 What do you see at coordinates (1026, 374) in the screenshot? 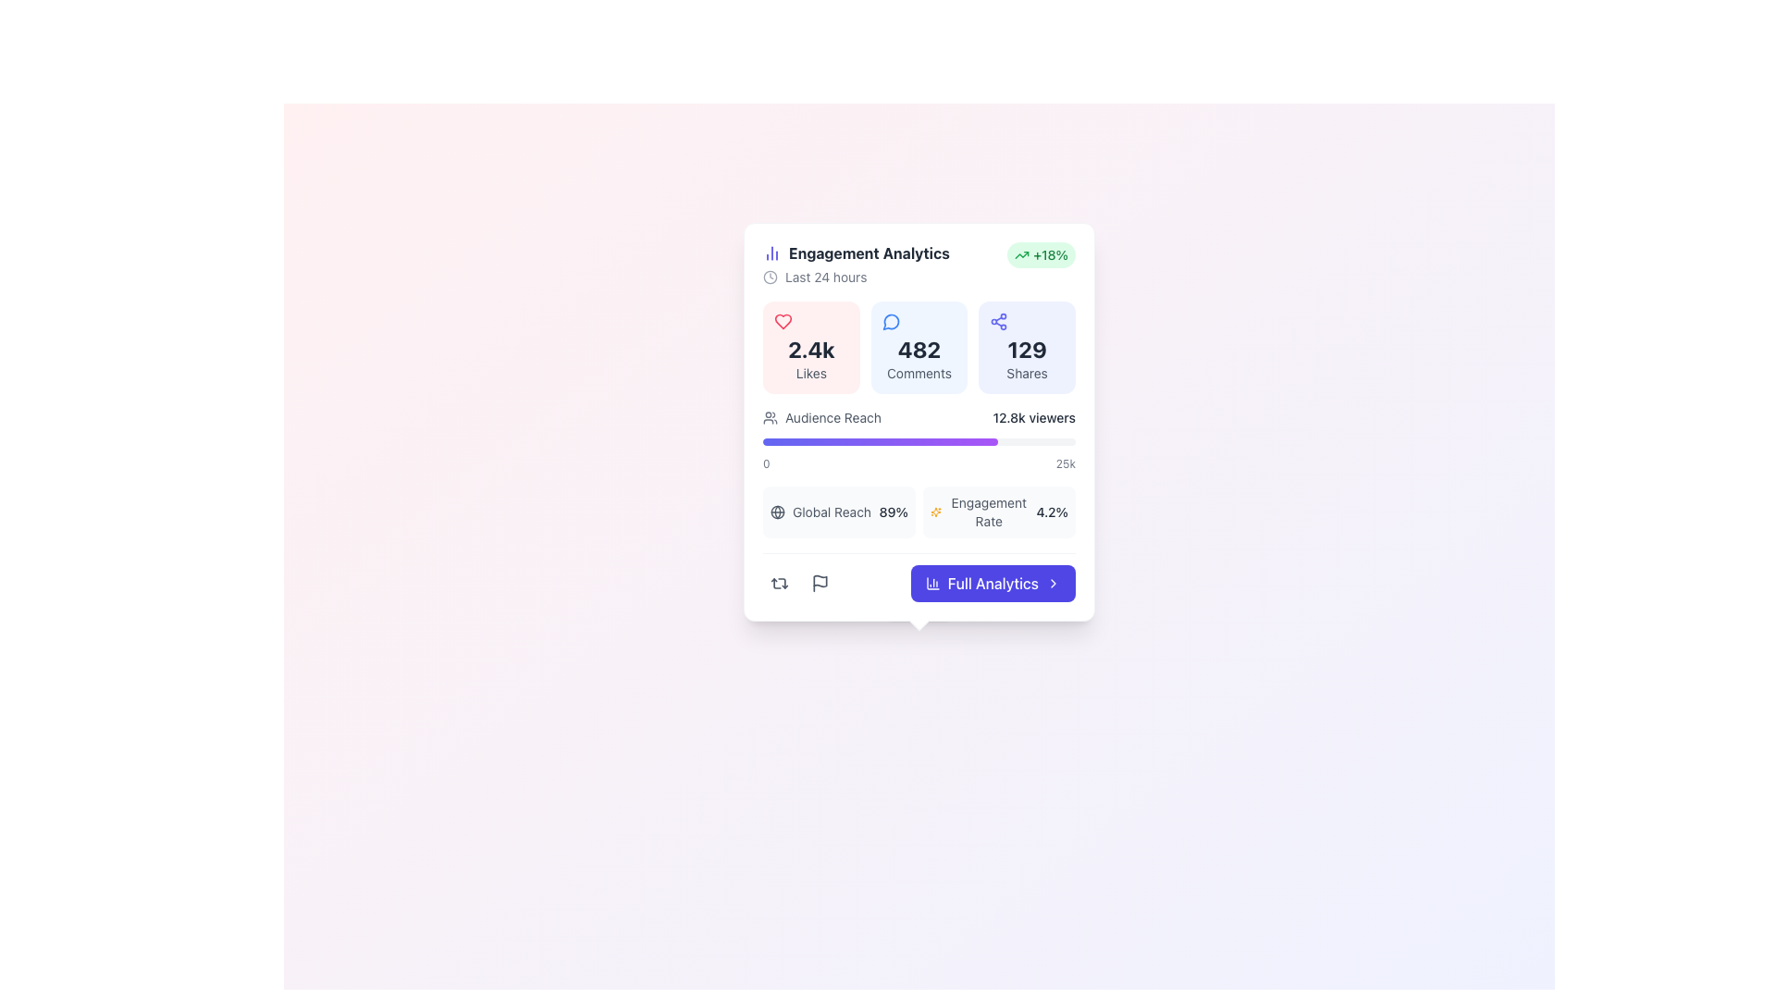
I see `the 'Shares' text label located underneath the number '129' in the 'Engagement Analytics' section of the metrics card` at bounding box center [1026, 374].